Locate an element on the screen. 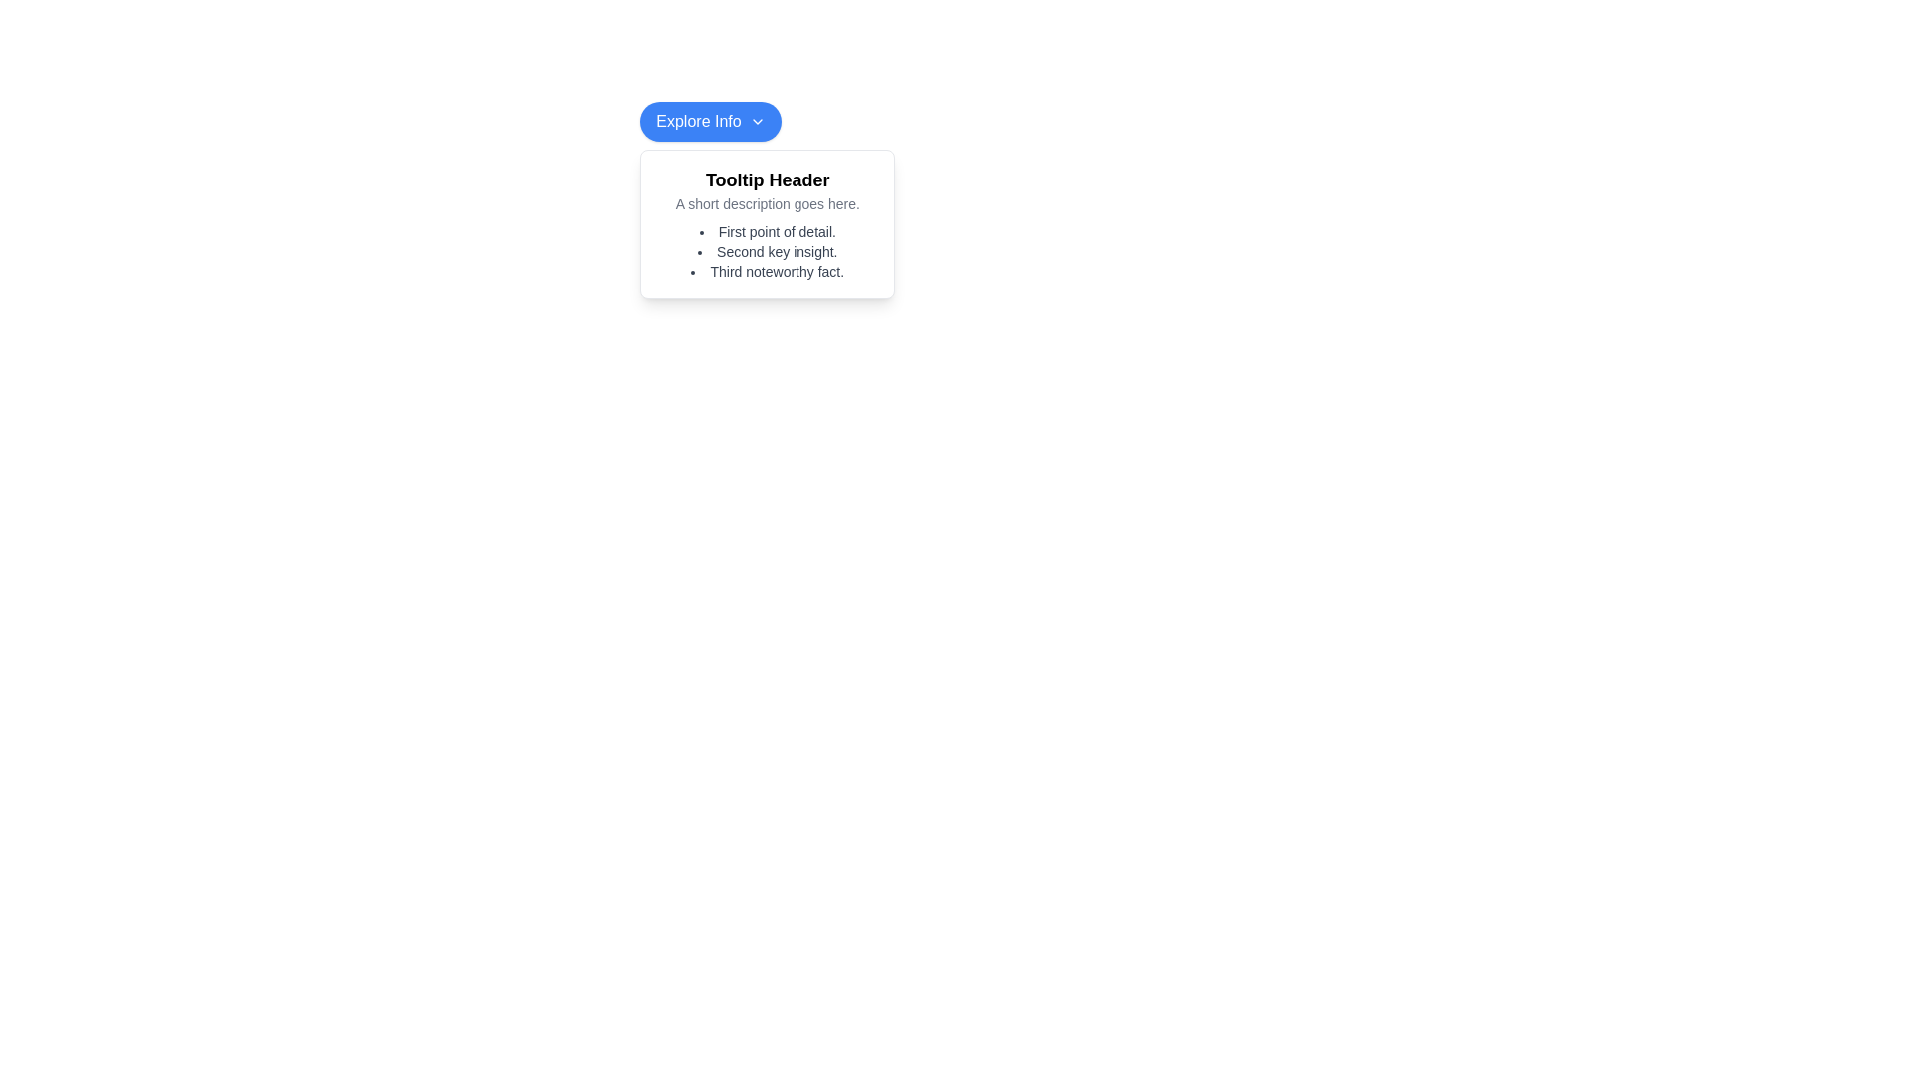 The width and height of the screenshot is (1914, 1077). the bullet-point text item displaying 'Second key insight.' which is styled in gray and is the second item in the list under 'Tooltip Header' is located at coordinates (767, 251).